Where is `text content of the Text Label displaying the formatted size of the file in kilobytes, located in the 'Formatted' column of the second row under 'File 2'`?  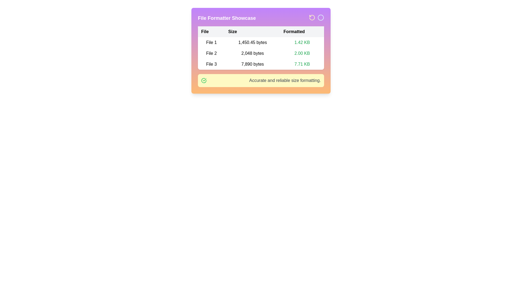 text content of the Text Label displaying the formatted size of the file in kilobytes, located in the 'Formatted' column of the second row under 'File 2' is located at coordinates (302, 53).